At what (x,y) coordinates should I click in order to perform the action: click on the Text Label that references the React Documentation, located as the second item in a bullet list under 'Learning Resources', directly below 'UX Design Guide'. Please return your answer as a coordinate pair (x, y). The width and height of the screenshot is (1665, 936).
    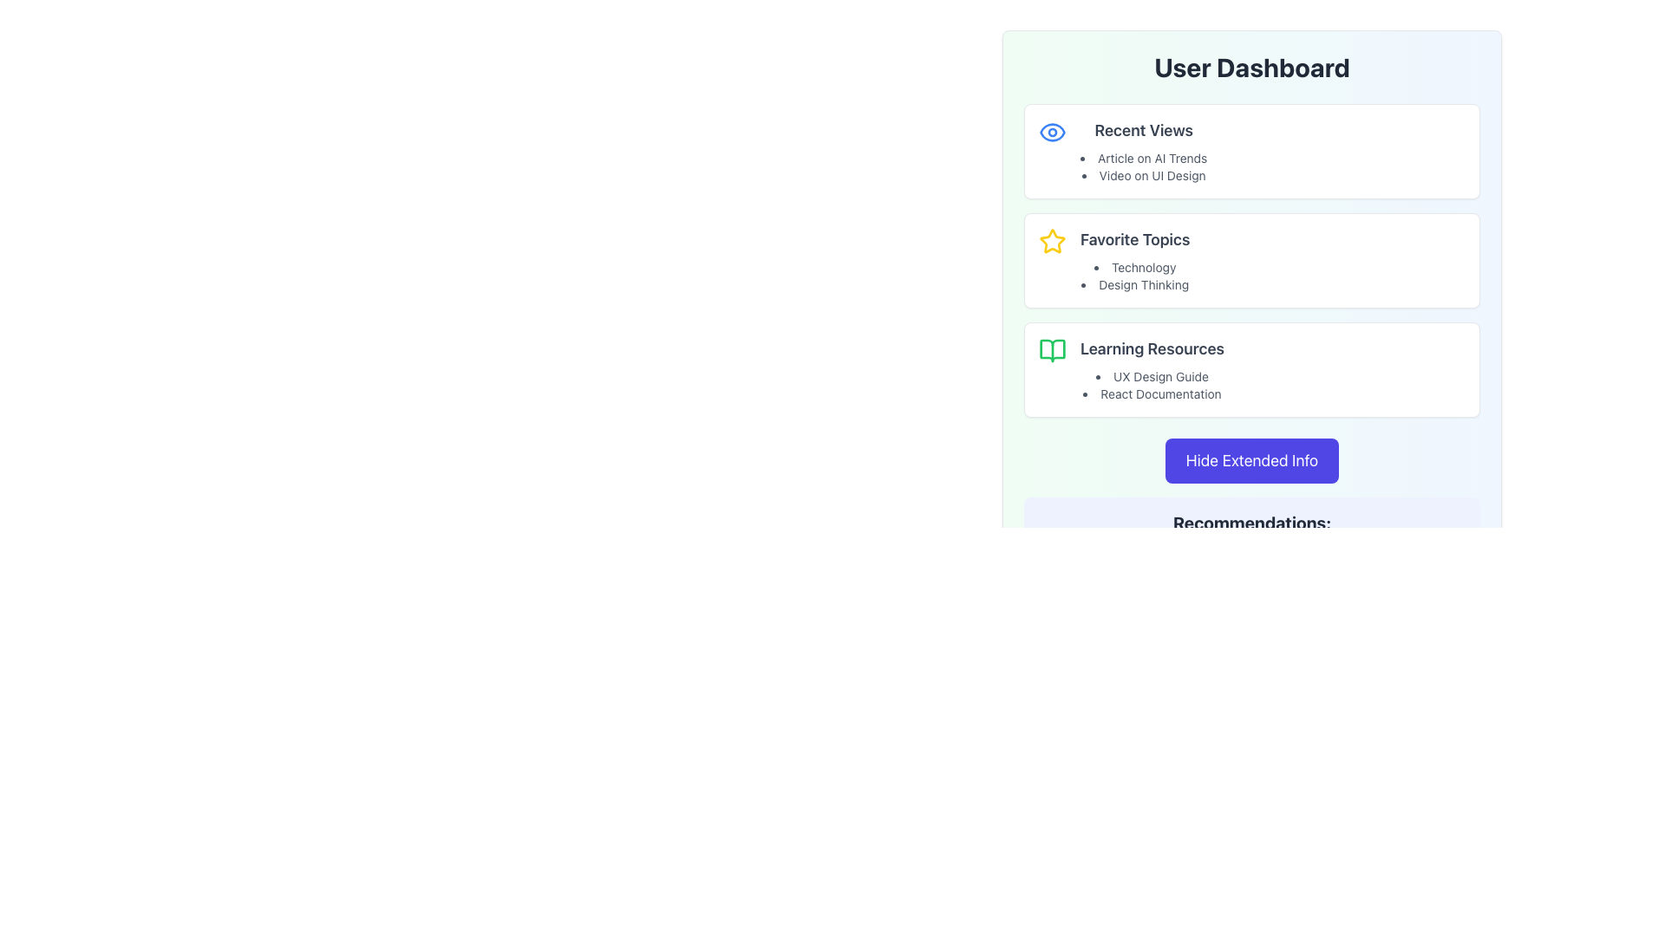
    Looking at the image, I should click on (1152, 394).